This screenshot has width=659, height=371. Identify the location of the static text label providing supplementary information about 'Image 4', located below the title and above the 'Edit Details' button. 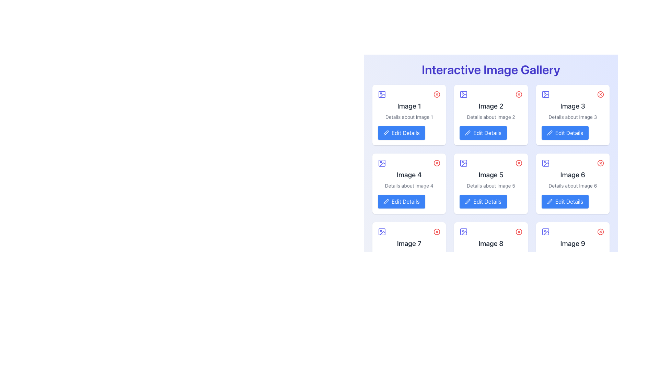
(409, 185).